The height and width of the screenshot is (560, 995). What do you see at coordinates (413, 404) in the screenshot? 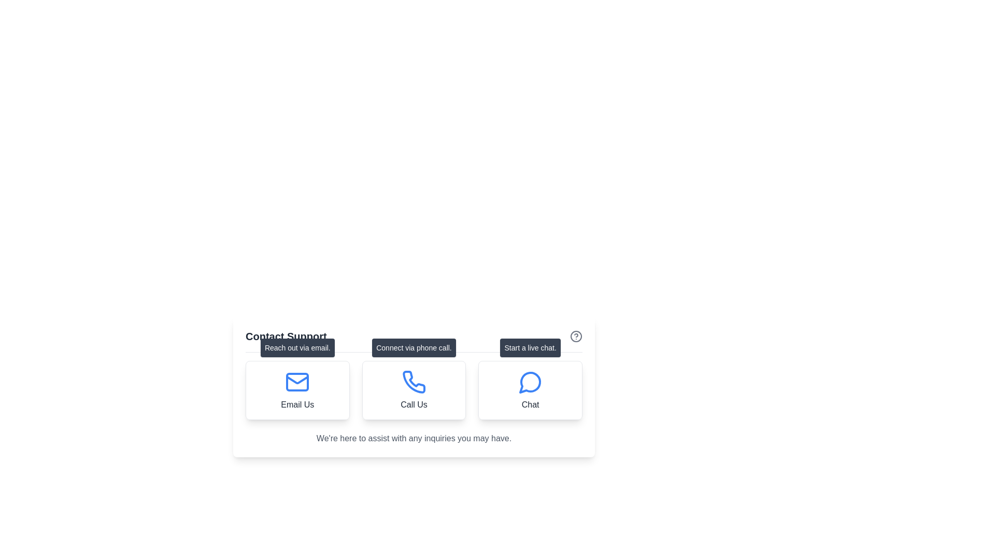
I see `the text label that indicates the action 'Connect via phone call' in the 'Call Us' card, which is positioned below the phone icon` at bounding box center [413, 404].